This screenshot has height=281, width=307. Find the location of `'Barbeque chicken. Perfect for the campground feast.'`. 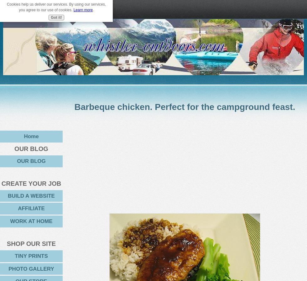

'Barbeque chicken. Perfect for the campground feast.' is located at coordinates (185, 107).